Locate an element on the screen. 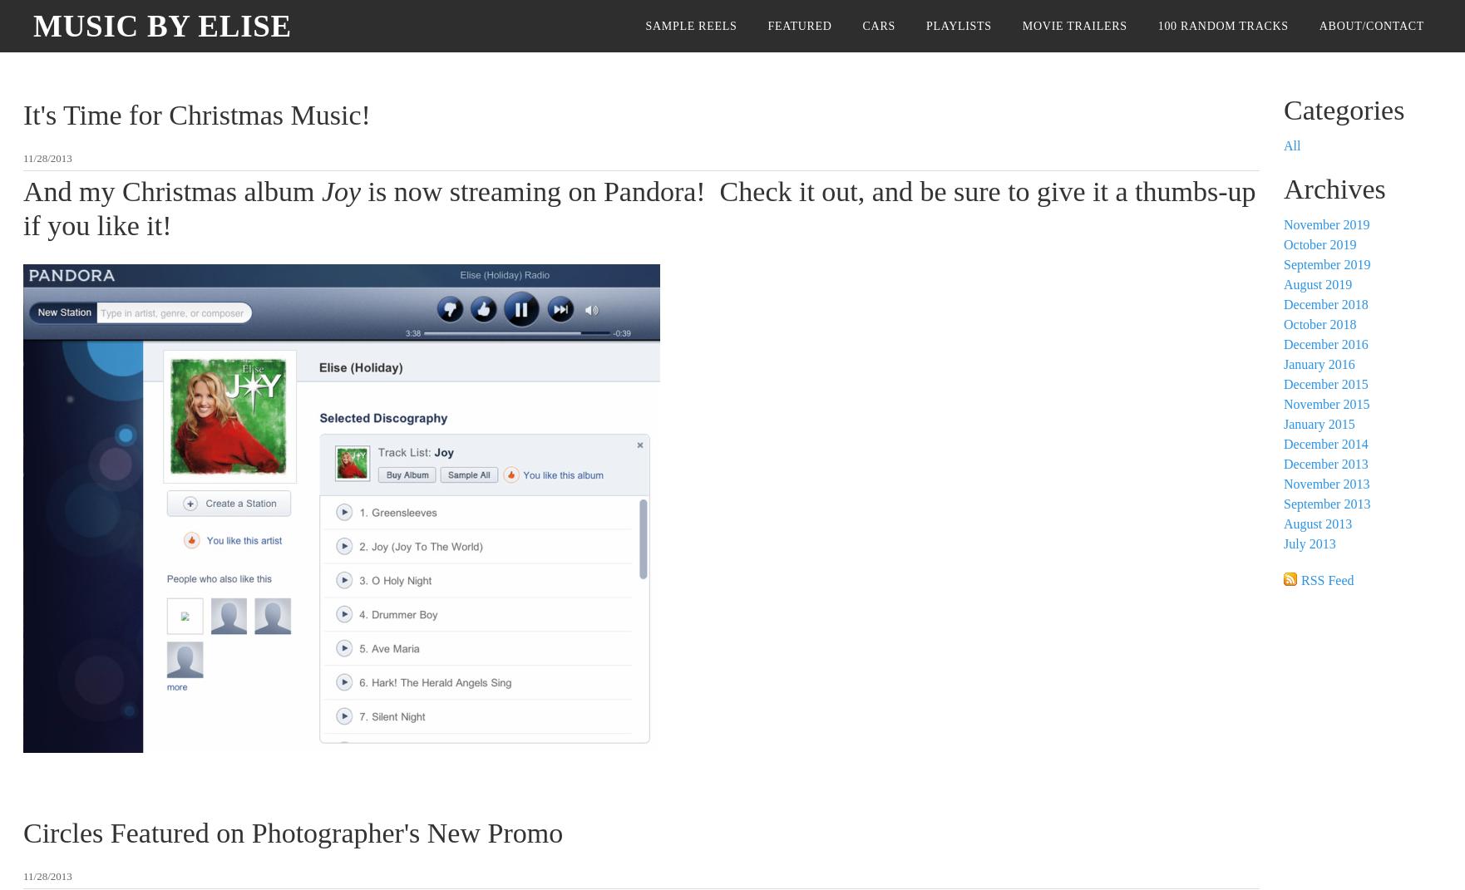 Image resolution: width=1465 pixels, height=890 pixels. 'Circles Featured on Photographer's New Promo' is located at coordinates (293, 832).